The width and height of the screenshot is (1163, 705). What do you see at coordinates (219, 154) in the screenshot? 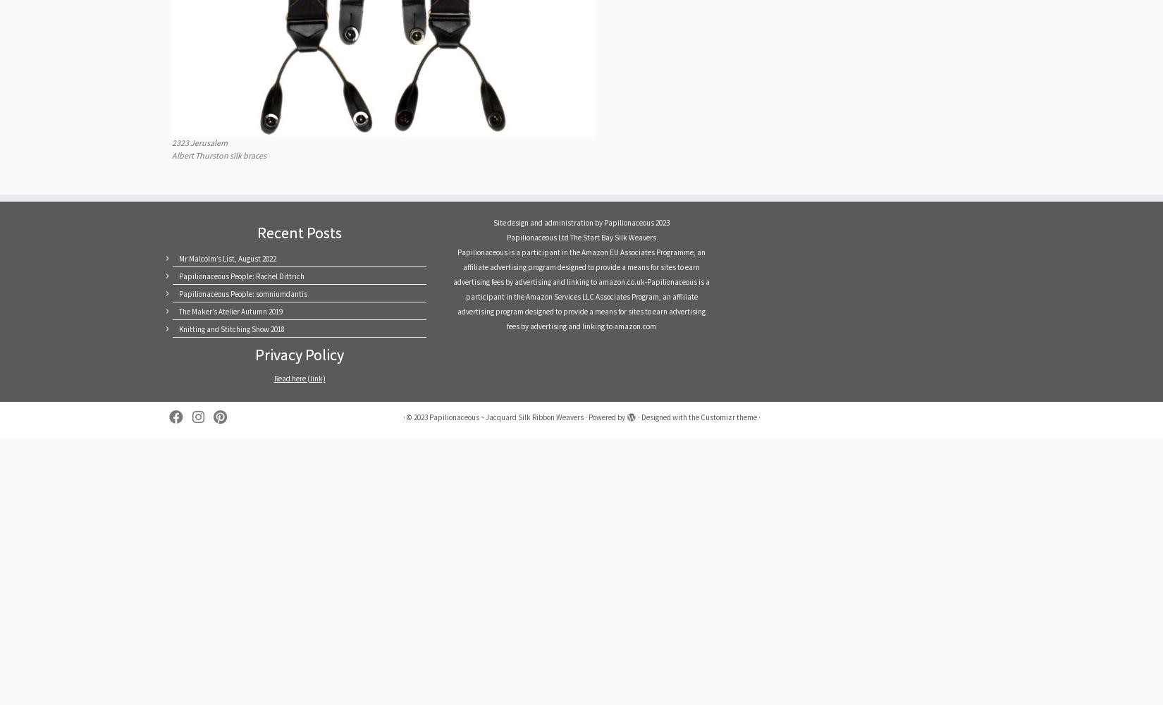
I see `'Albert Thurston silk braces'` at bounding box center [219, 154].